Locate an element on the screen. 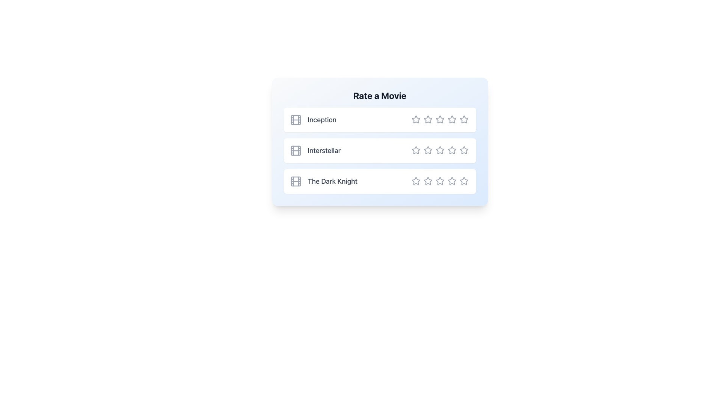 The image size is (721, 405). displayed text of the Text Label with Icon that represents the movie 'The Dark Knight', located below 'Interstellar' and above the rating section is located at coordinates (323, 181).